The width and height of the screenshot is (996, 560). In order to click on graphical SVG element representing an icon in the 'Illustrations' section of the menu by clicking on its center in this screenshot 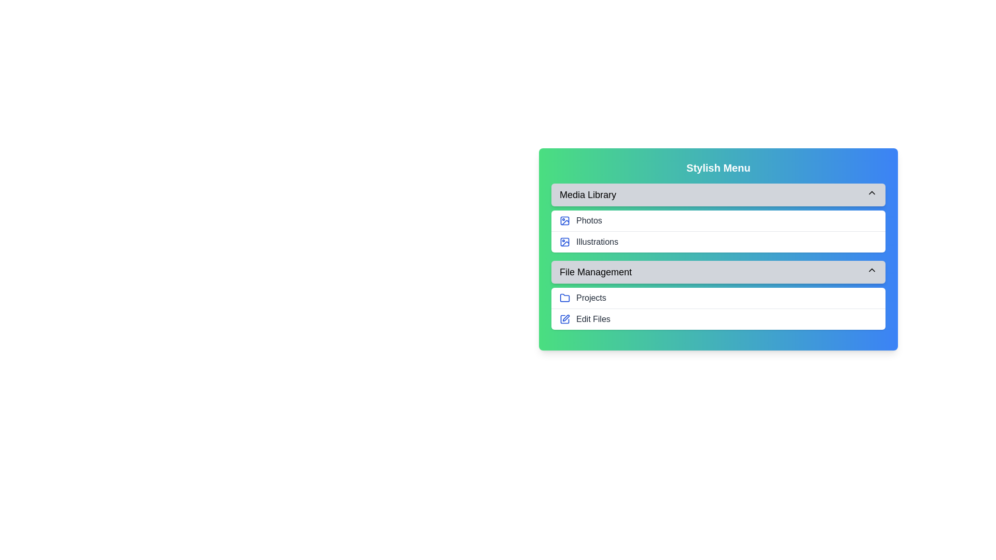, I will do `click(564, 242)`.